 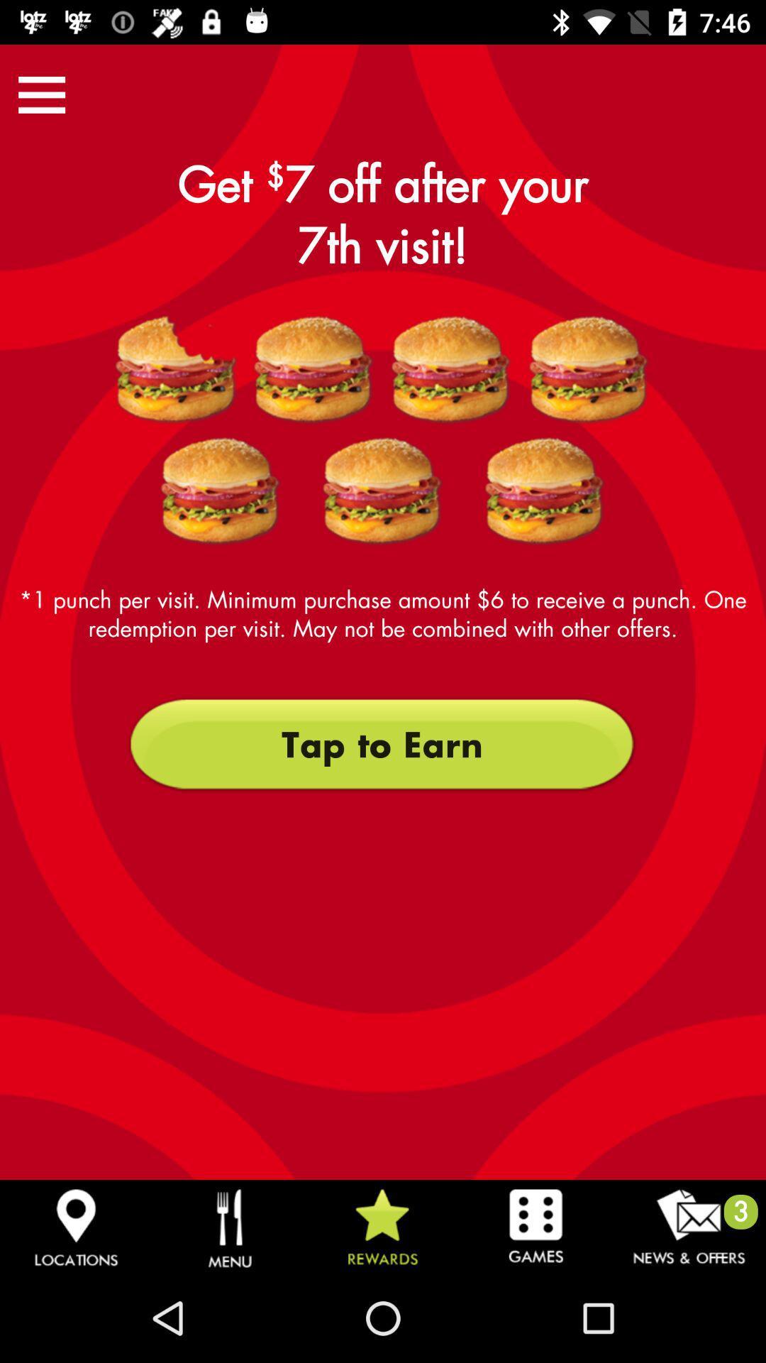 What do you see at coordinates (41, 94) in the screenshot?
I see `item to the left of the get 7 off` at bounding box center [41, 94].